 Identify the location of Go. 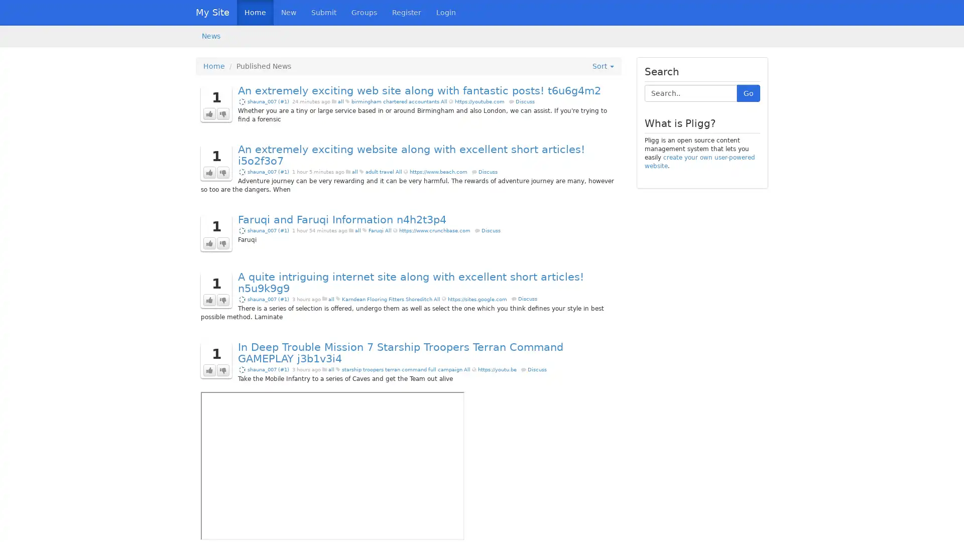
(749, 93).